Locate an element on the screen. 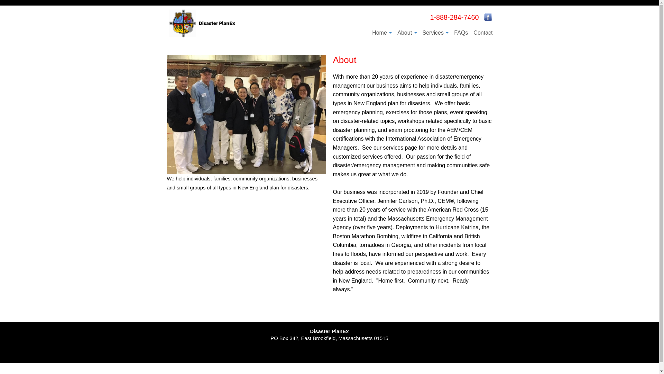 This screenshot has height=374, width=664. 'PO Box 342, East Brookfield, Massachusetts 01515' is located at coordinates (329, 338).